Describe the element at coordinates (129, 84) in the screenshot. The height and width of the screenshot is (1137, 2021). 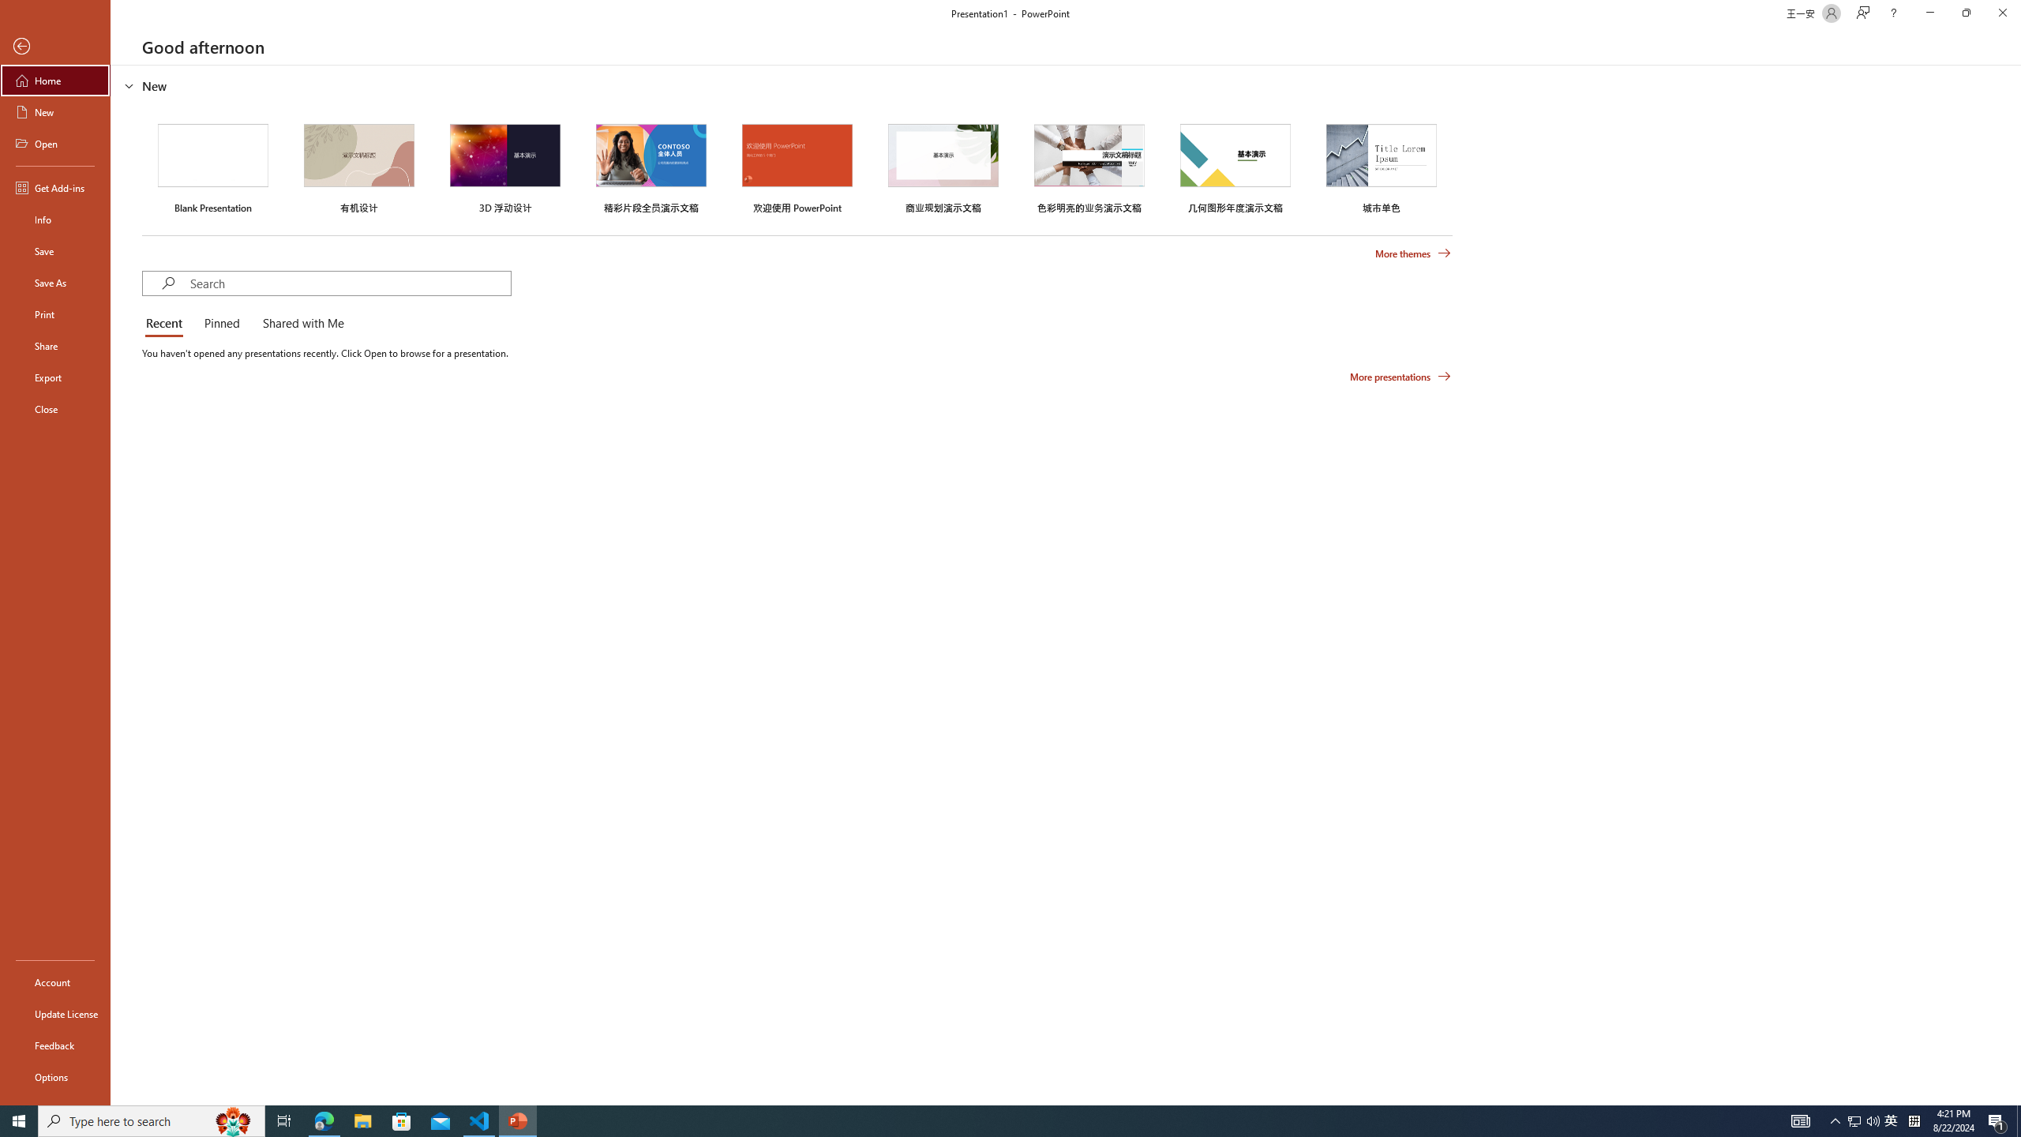
I see `'Hide or show region'` at that location.